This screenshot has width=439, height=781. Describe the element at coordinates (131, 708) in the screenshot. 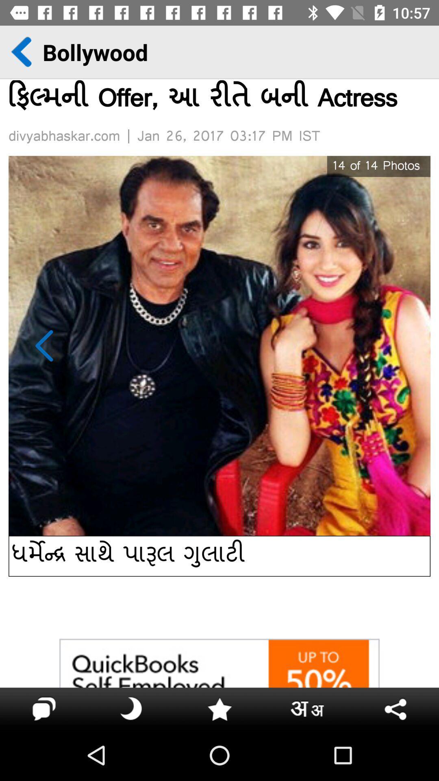

I see `the icon on the right next next to the chat icon on the bottom left corner of the web page` at that location.